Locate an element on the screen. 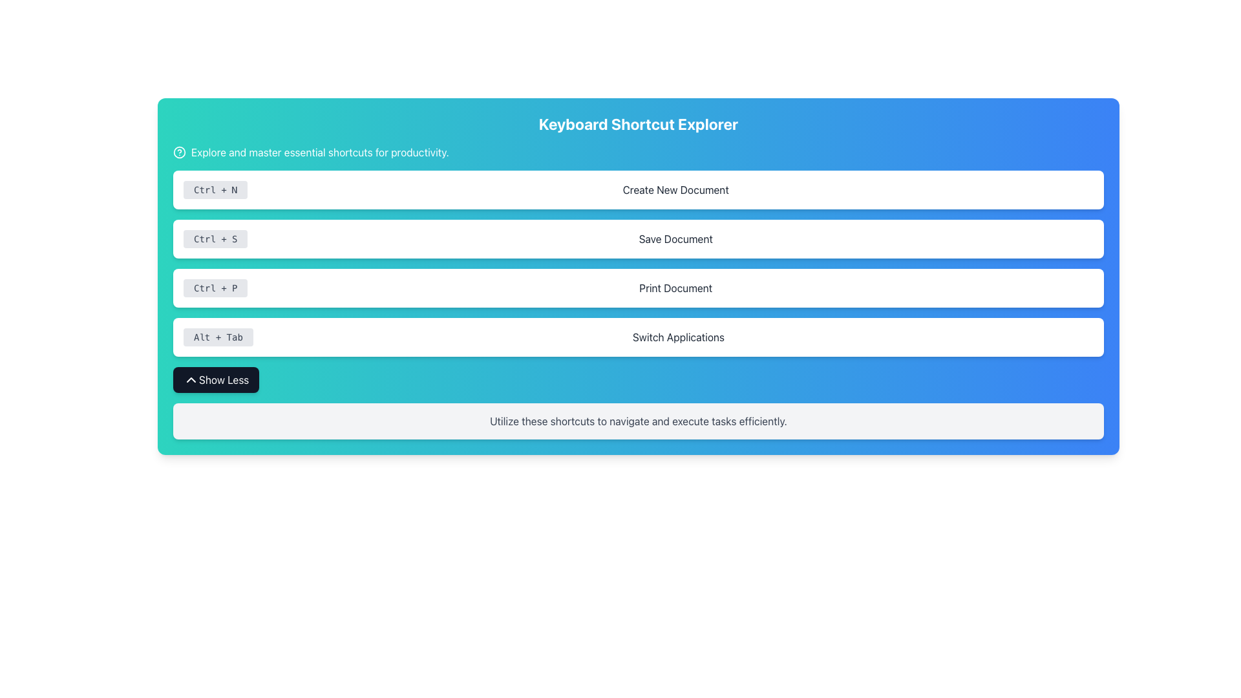  the informational block displaying the keyboard shortcut 'Alt + Tab' and its description 'Switch Applications', which is the fourth item in the vertical list is located at coordinates (639, 336).